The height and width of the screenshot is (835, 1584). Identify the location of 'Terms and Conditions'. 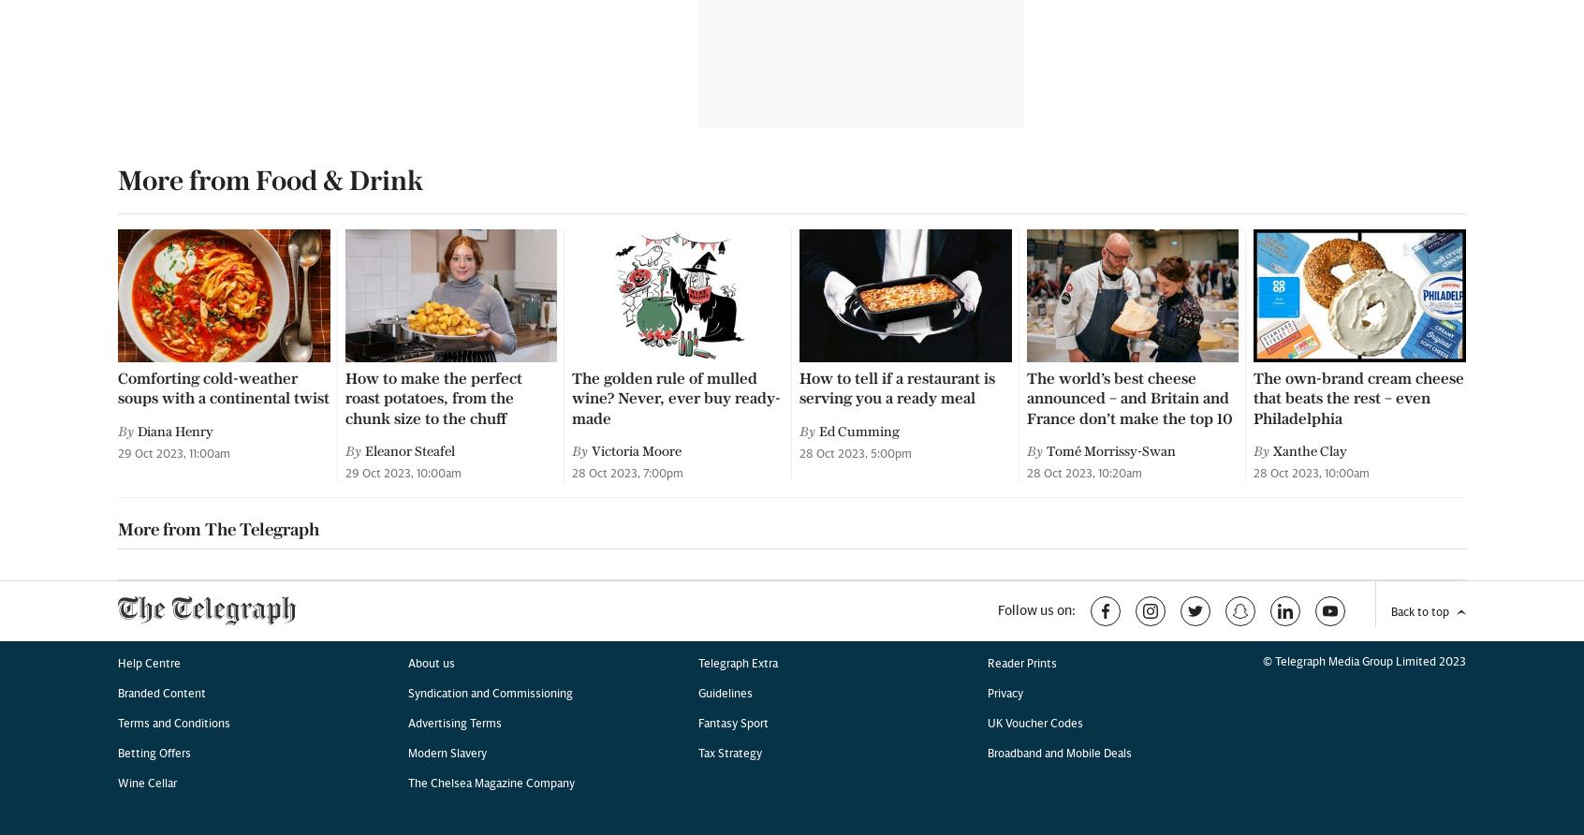
(172, 105).